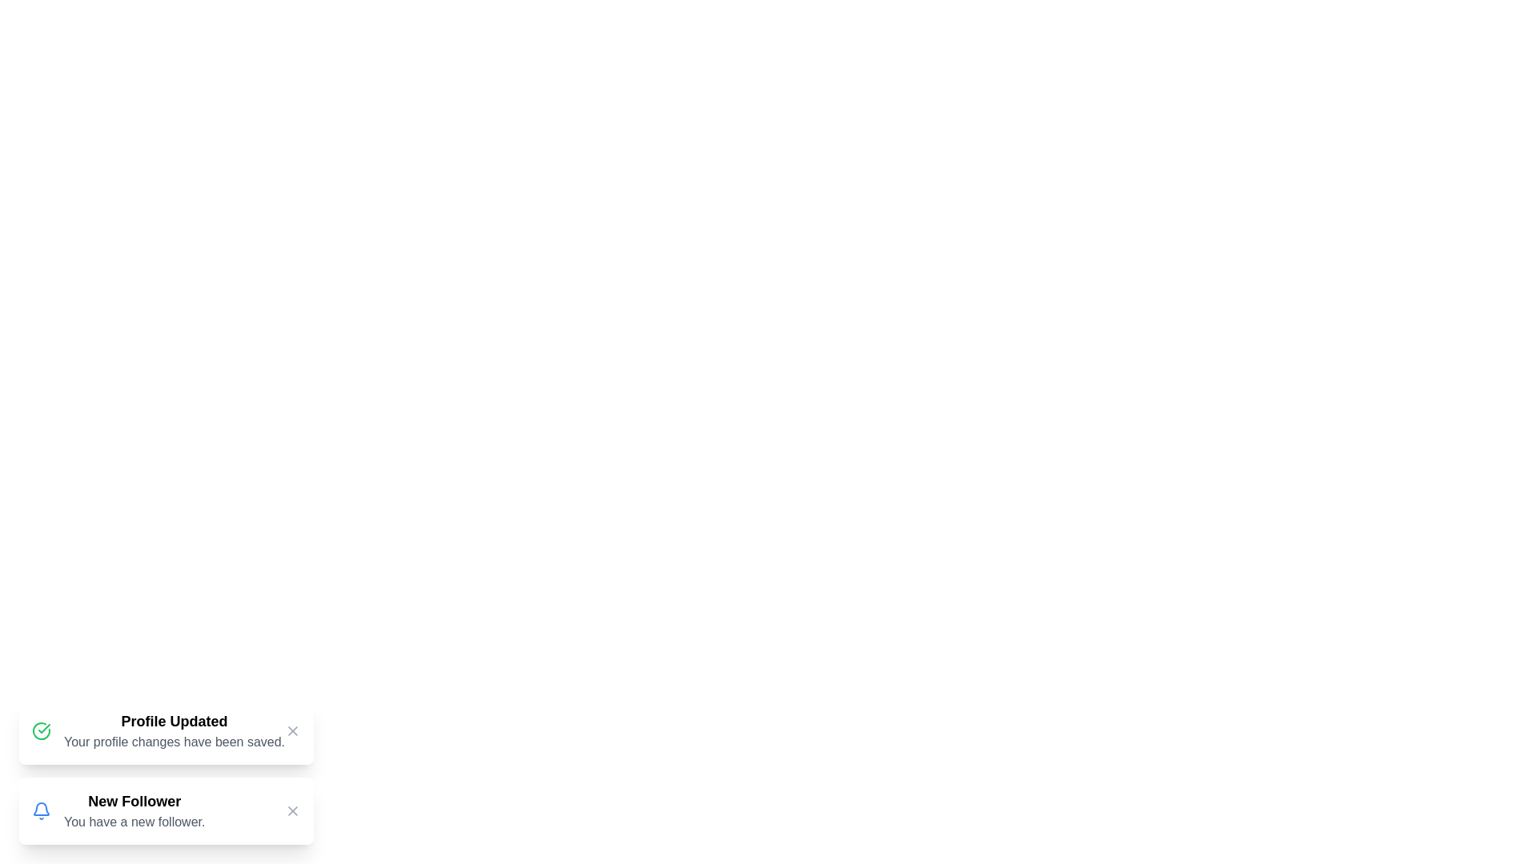  What do you see at coordinates (166, 731) in the screenshot?
I see `the 'Profile Updated' notification to read its details` at bounding box center [166, 731].